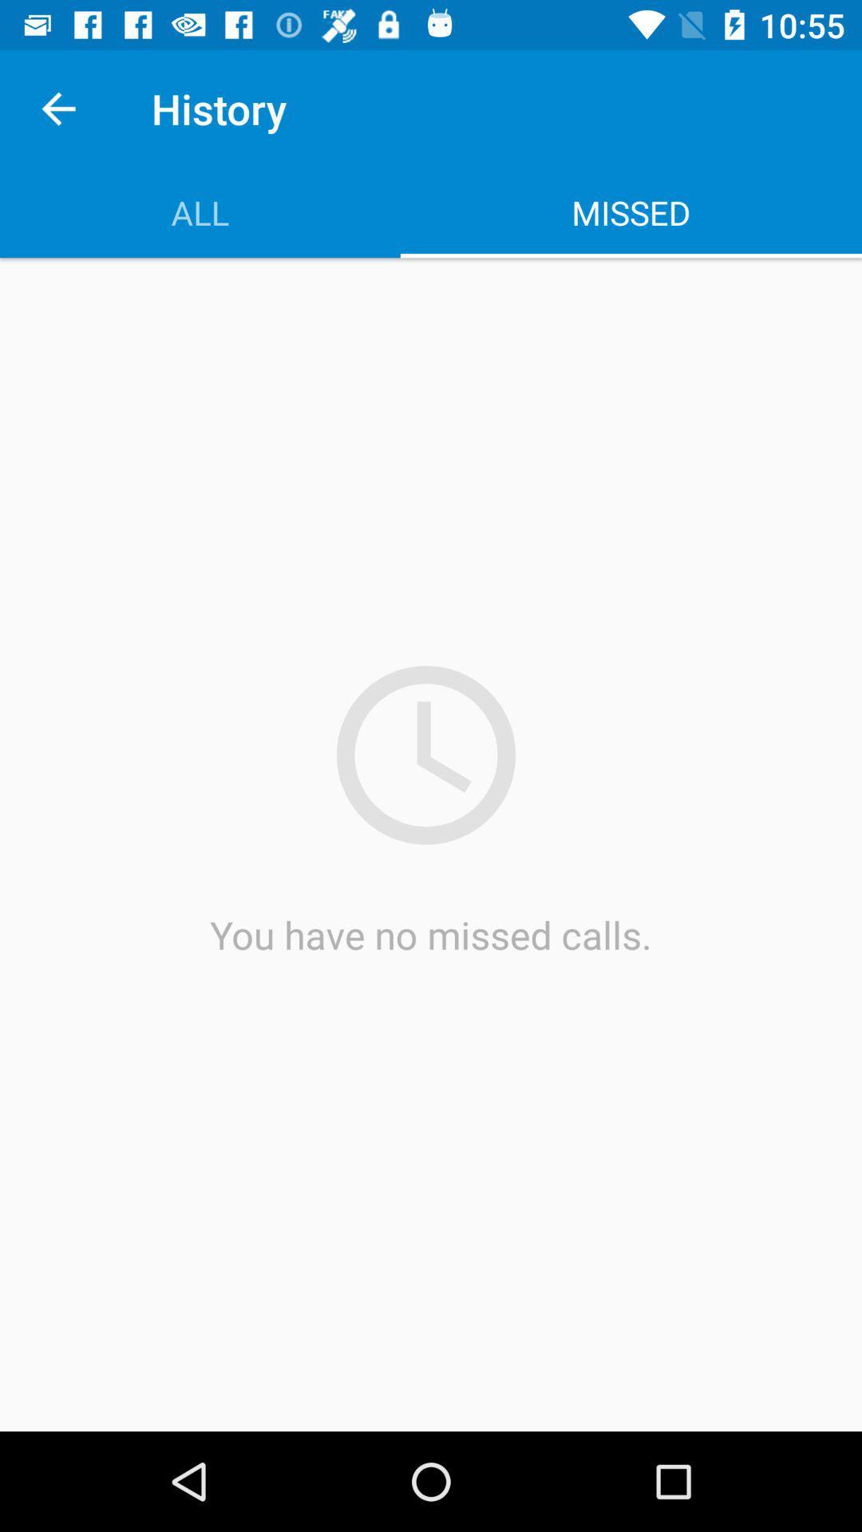  I want to click on all, so click(199, 211).